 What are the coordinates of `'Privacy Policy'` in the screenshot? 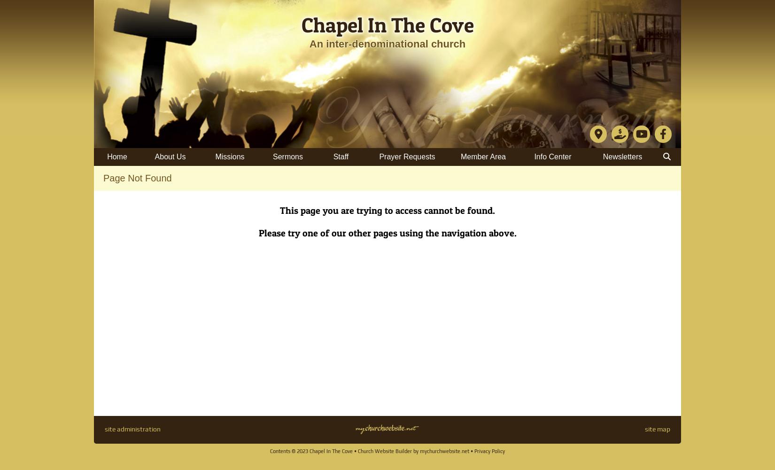 It's located at (489, 451).